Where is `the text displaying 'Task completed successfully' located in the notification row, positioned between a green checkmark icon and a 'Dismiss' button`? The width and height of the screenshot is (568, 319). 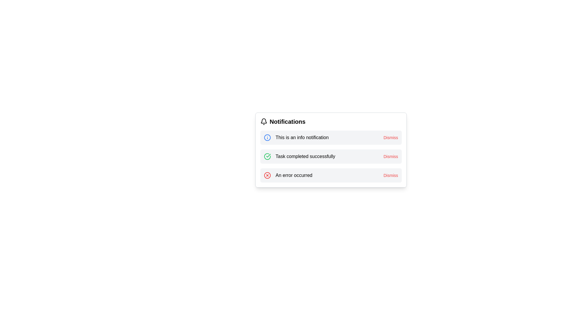
the text displaying 'Task completed successfully' located in the notification row, positioned between a green checkmark icon and a 'Dismiss' button is located at coordinates (305, 156).